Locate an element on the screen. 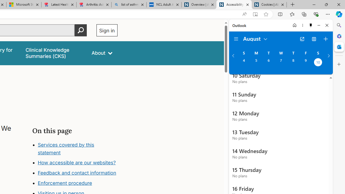 Image resolution: width=345 pixels, height=194 pixels. 'Feedback and contact information' is located at coordinates (77, 173).